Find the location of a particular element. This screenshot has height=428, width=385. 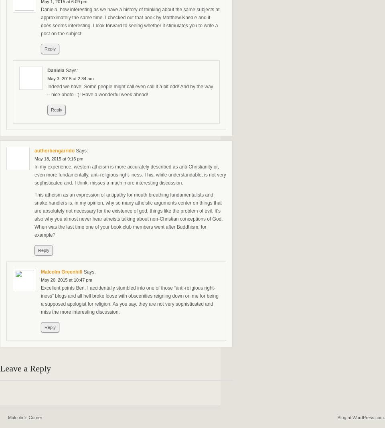

'Daniela' is located at coordinates (47, 70).